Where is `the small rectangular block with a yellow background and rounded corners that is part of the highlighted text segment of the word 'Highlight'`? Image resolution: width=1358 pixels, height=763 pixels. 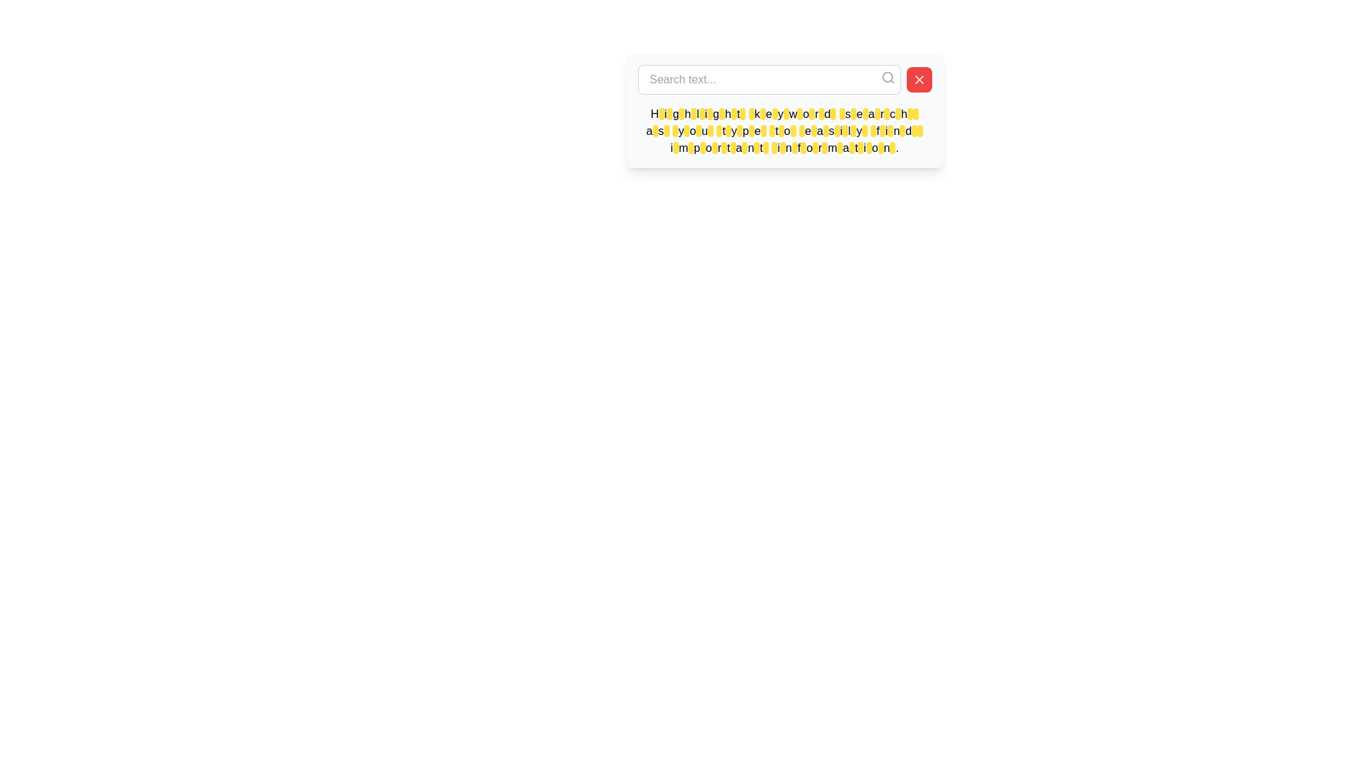
the small rectangular block with a yellow background and rounded corners that is part of the highlighted text segment of the word 'Highlight' is located at coordinates (693, 113).